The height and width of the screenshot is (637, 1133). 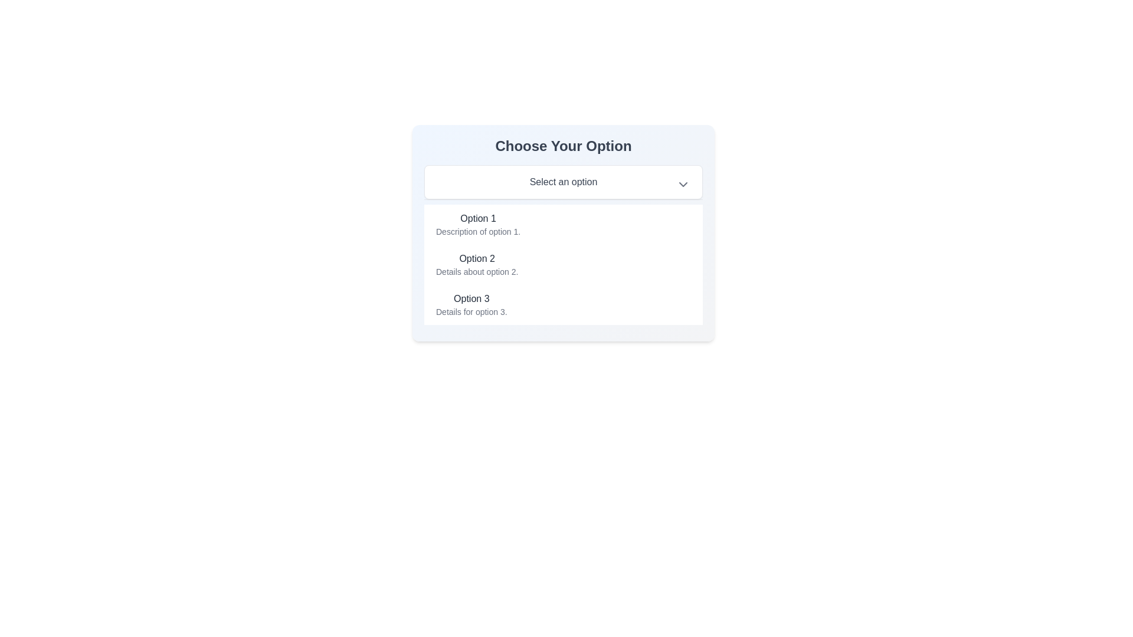 I want to click on the text label displaying 'Details about option 2.' which is located below 'Option 2' in the dropdown menu area, so click(x=477, y=272).